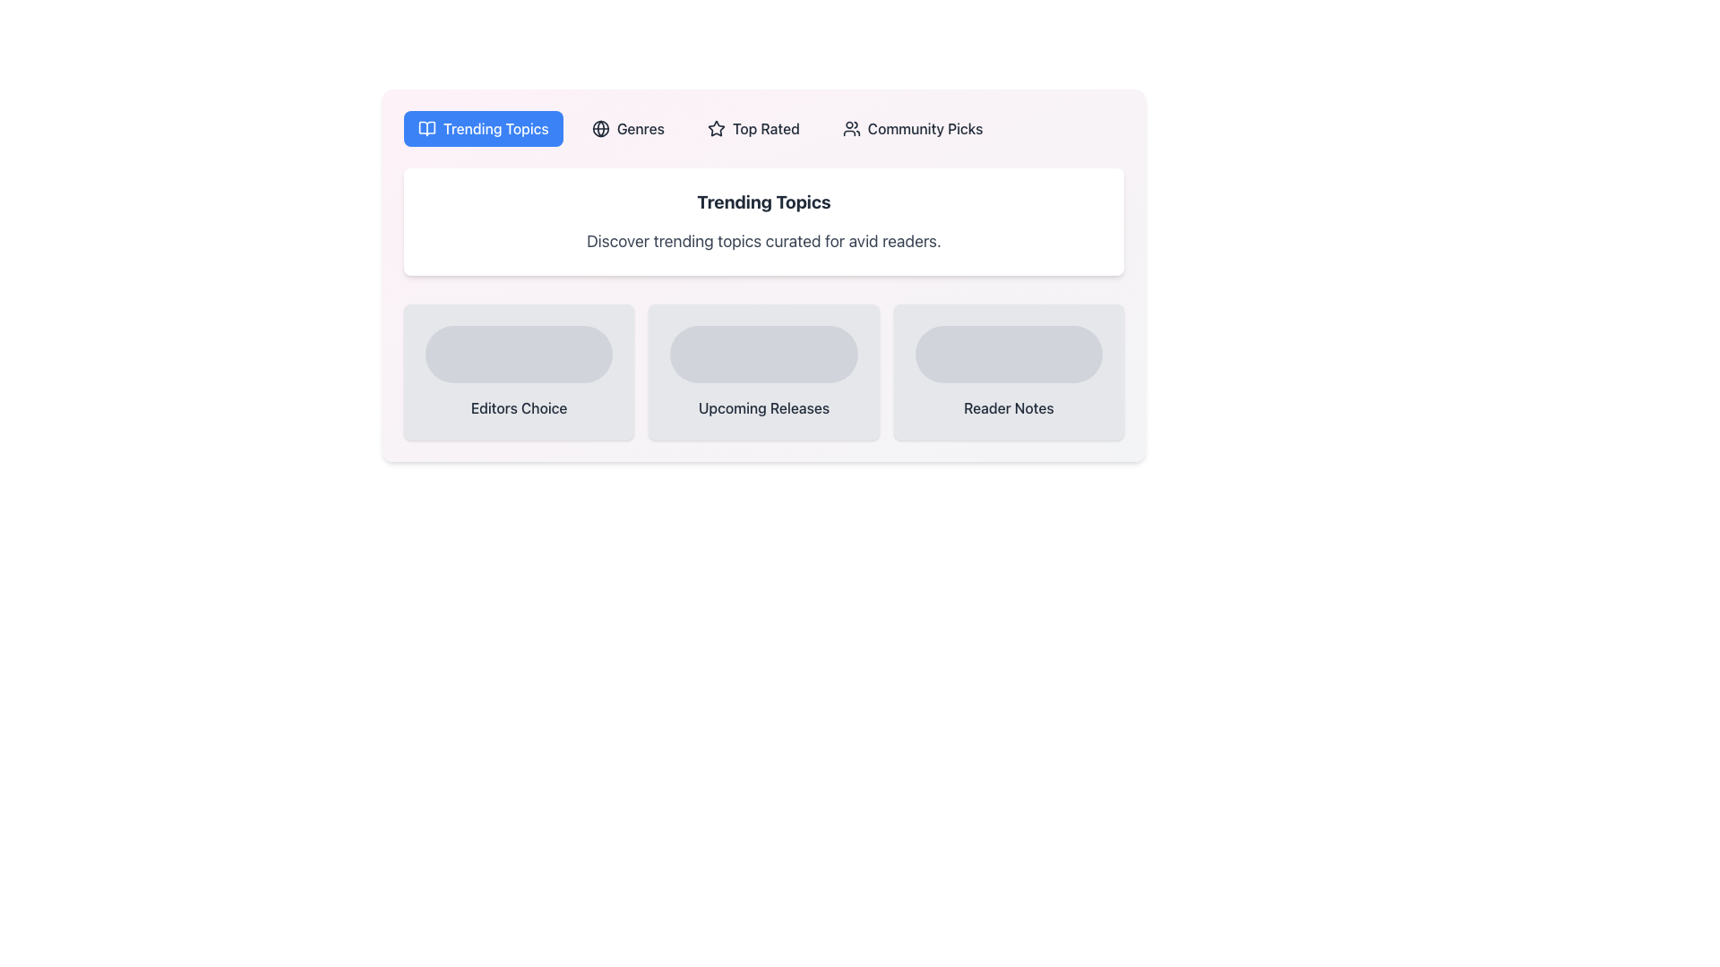  I want to click on text label 'Top Rated' within the button component, which is styled with a slightly bolded, dark gray font and is located between the 'Genres' button and the 'Community Picks' button in the horizontal navigation menu, so click(766, 127).